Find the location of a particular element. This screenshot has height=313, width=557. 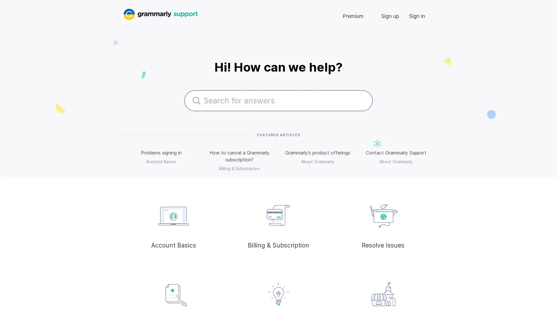

Sign in is located at coordinates (417, 14).